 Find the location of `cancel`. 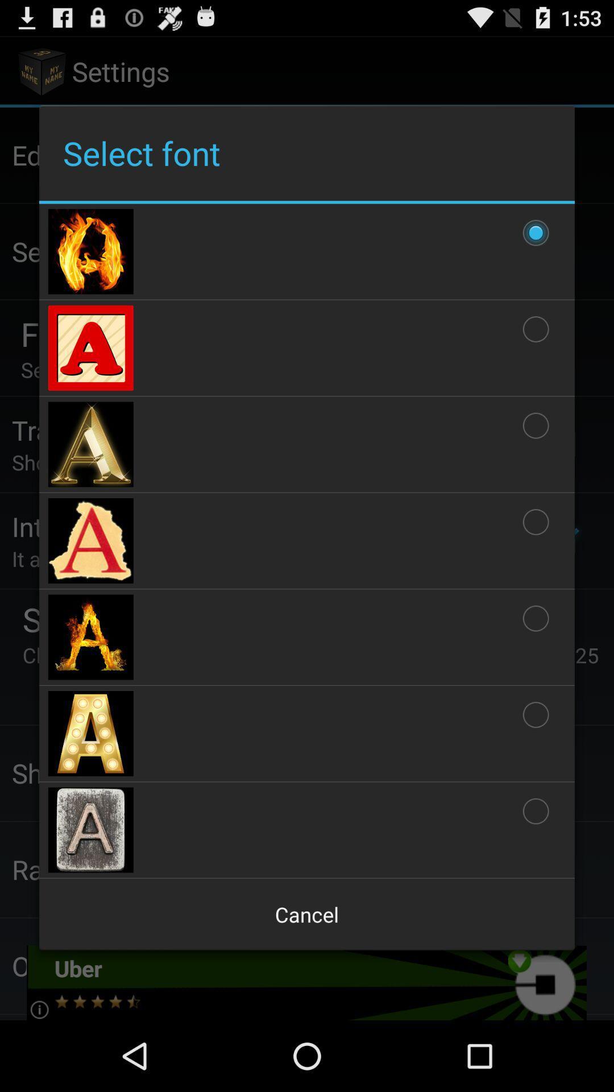

cancel is located at coordinates (307, 915).